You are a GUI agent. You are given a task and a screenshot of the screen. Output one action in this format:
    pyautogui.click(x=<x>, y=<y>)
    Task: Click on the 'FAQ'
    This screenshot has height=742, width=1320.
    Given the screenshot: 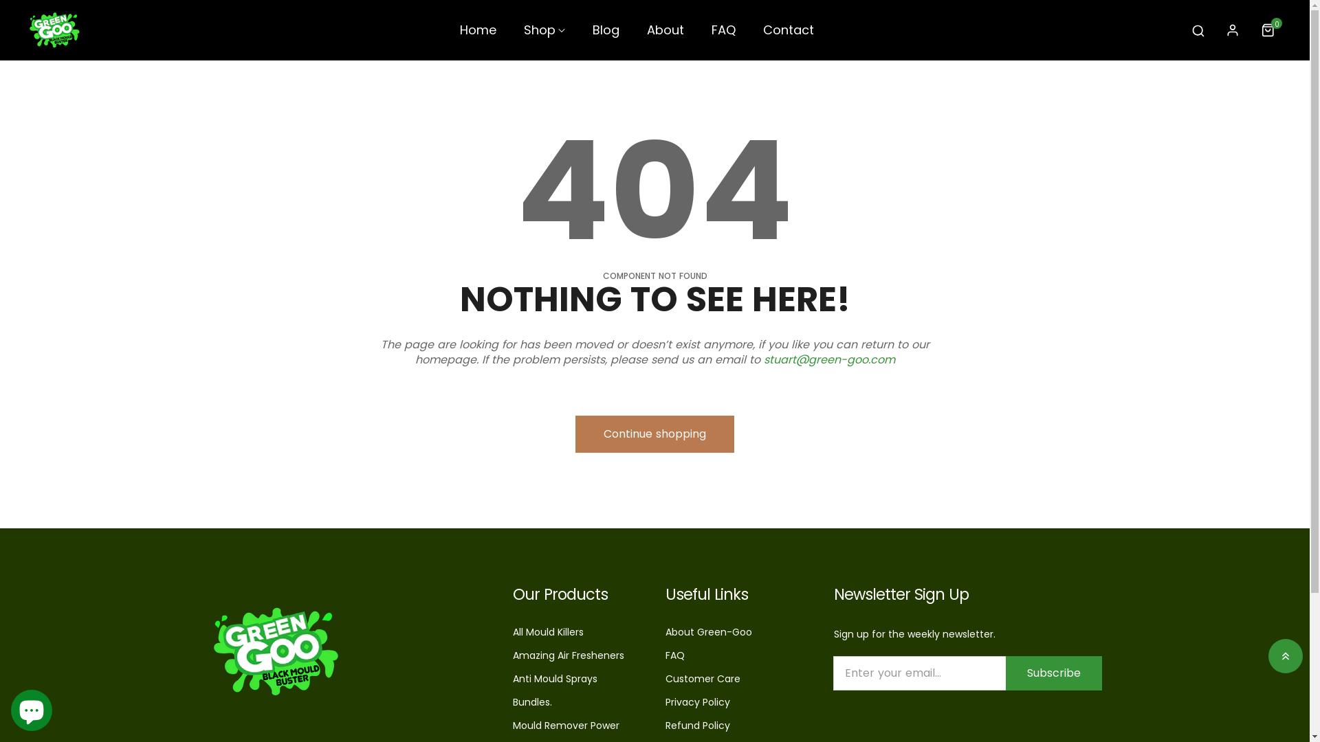 What is the action you would take?
    pyautogui.click(x=665, y=654)
    